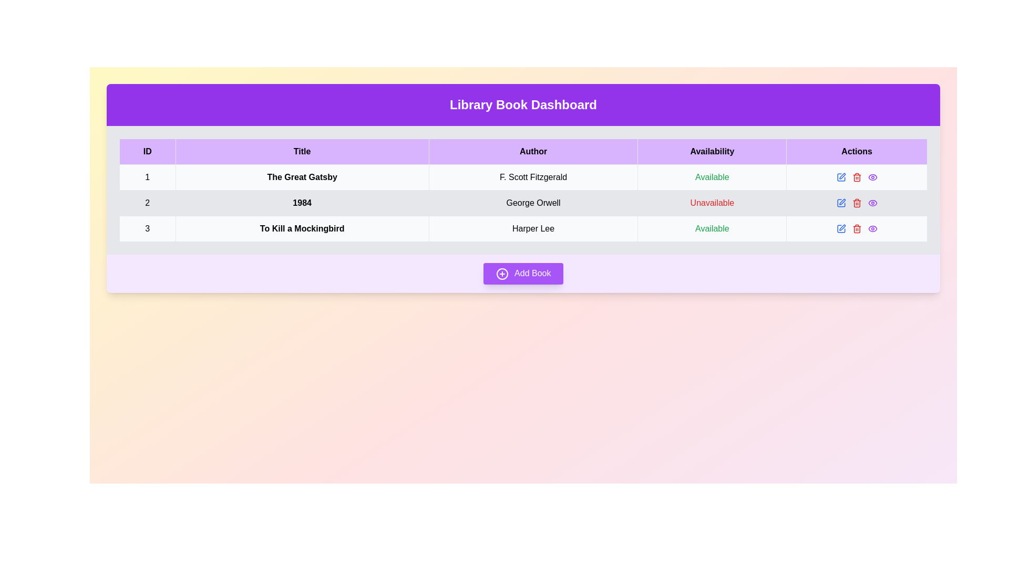 This screenshot has height=567, width=1009. What do you see at coordinates (523, 177) in the screenshot?
I see `the first row in the table displaying details of the book 'The Great Gatsby' for interaction` at bounding box center [523, 177].